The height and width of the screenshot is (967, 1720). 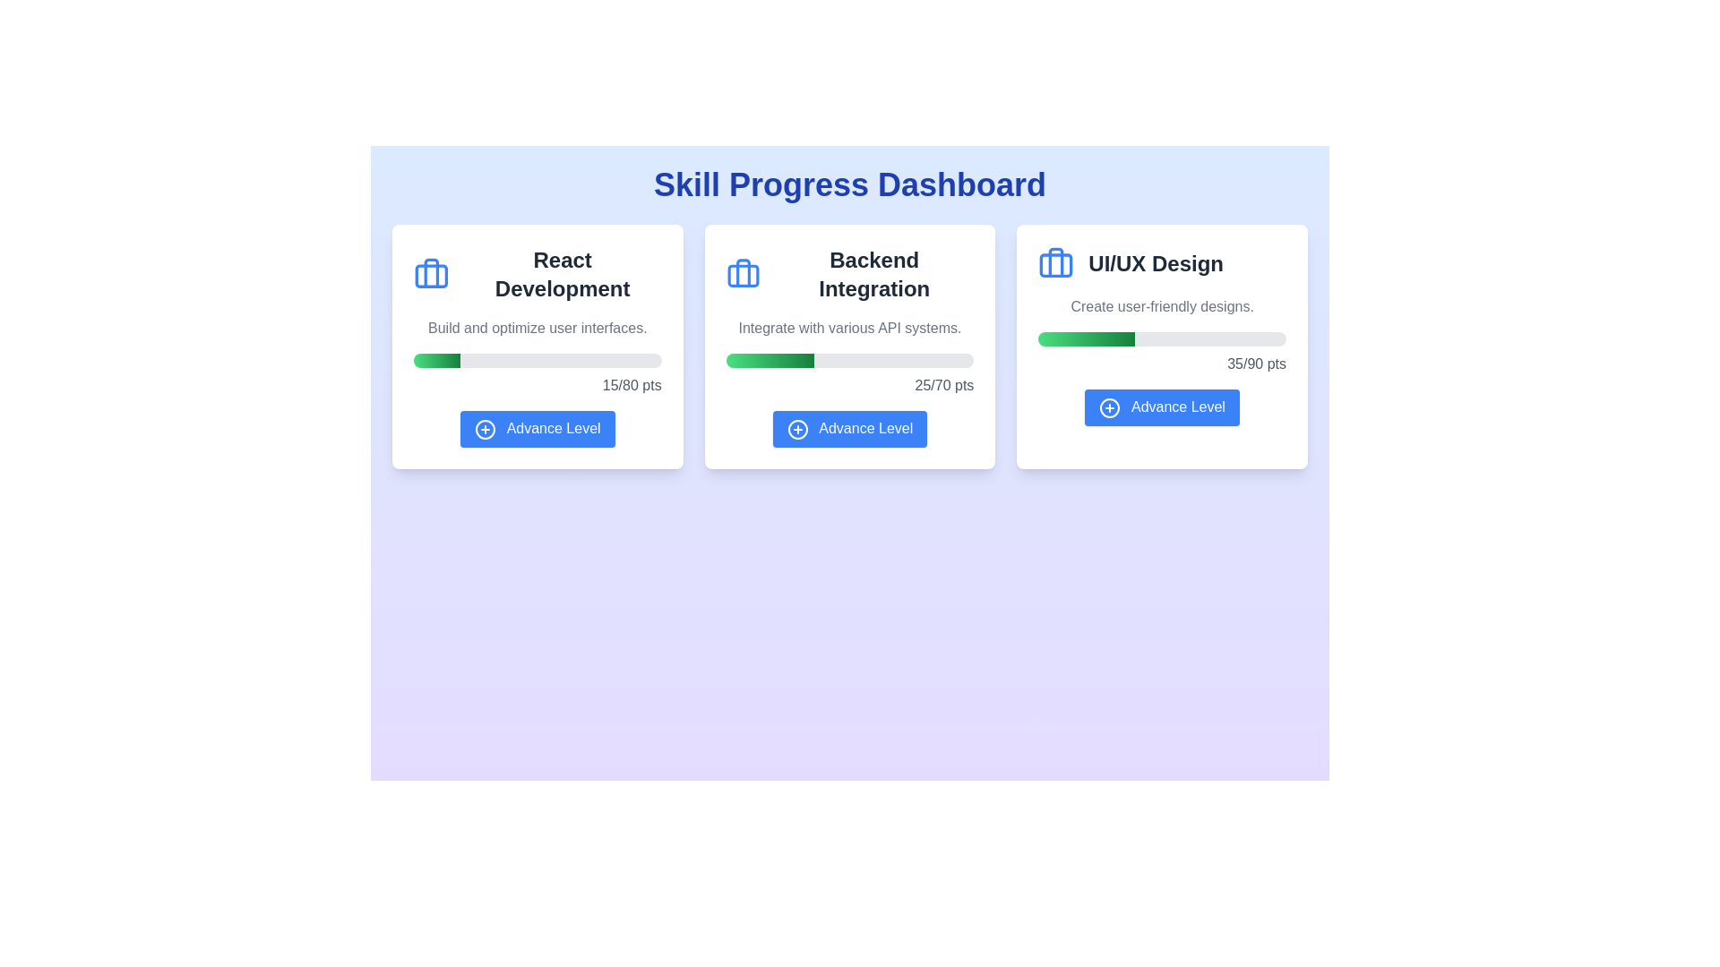 What do you see at coordinates (796, 429) in the screenshot?
I see `the leading icon of the 'Advance Level' button located in the center card labeled 'Backend Integration'` at bounding box center [796, 429].